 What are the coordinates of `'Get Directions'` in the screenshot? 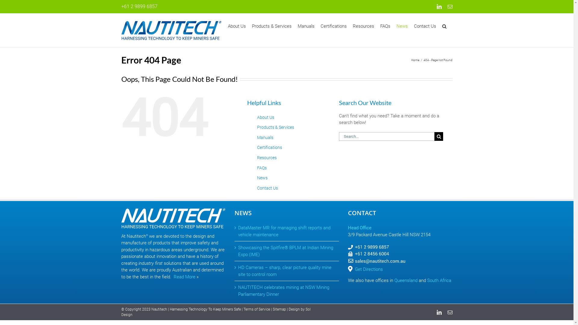 It's located at (368, 269).